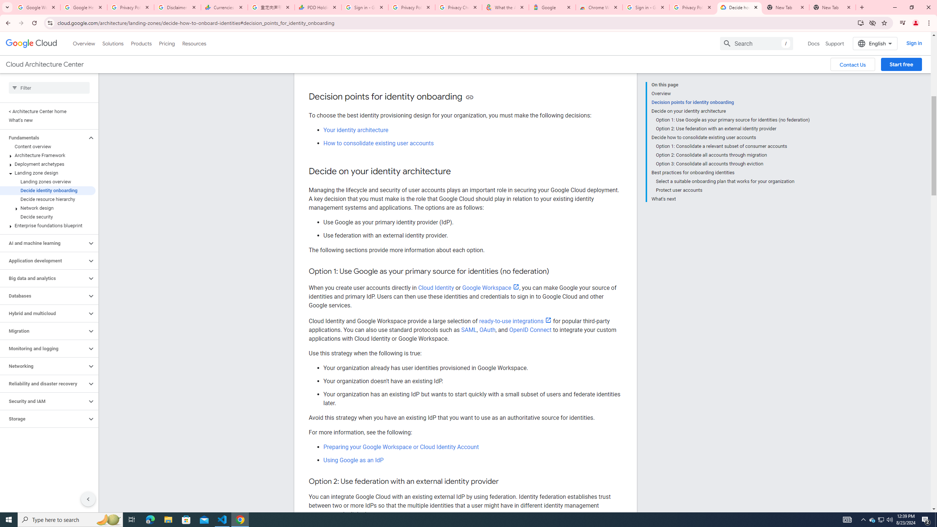 Image resolution: width=937 pixels, height=527 pixels. I want to click on 'Databases', so click(43, 296).